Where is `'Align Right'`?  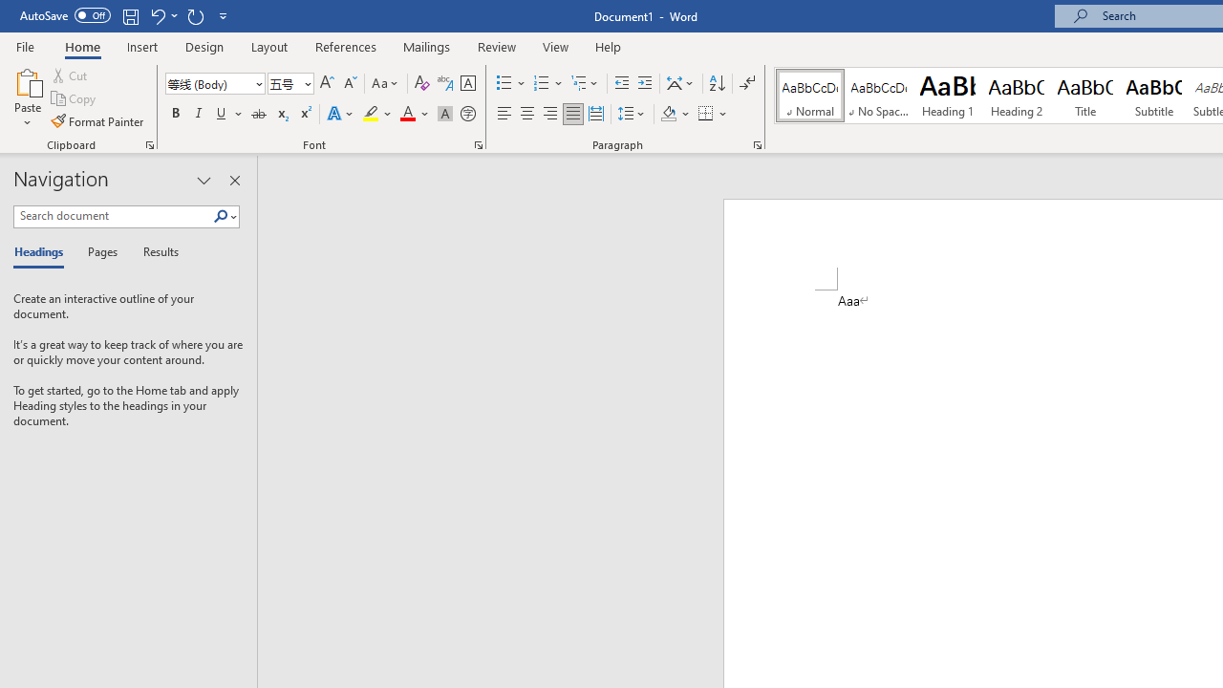 'Align Right' is located at coordinates (549, 114).